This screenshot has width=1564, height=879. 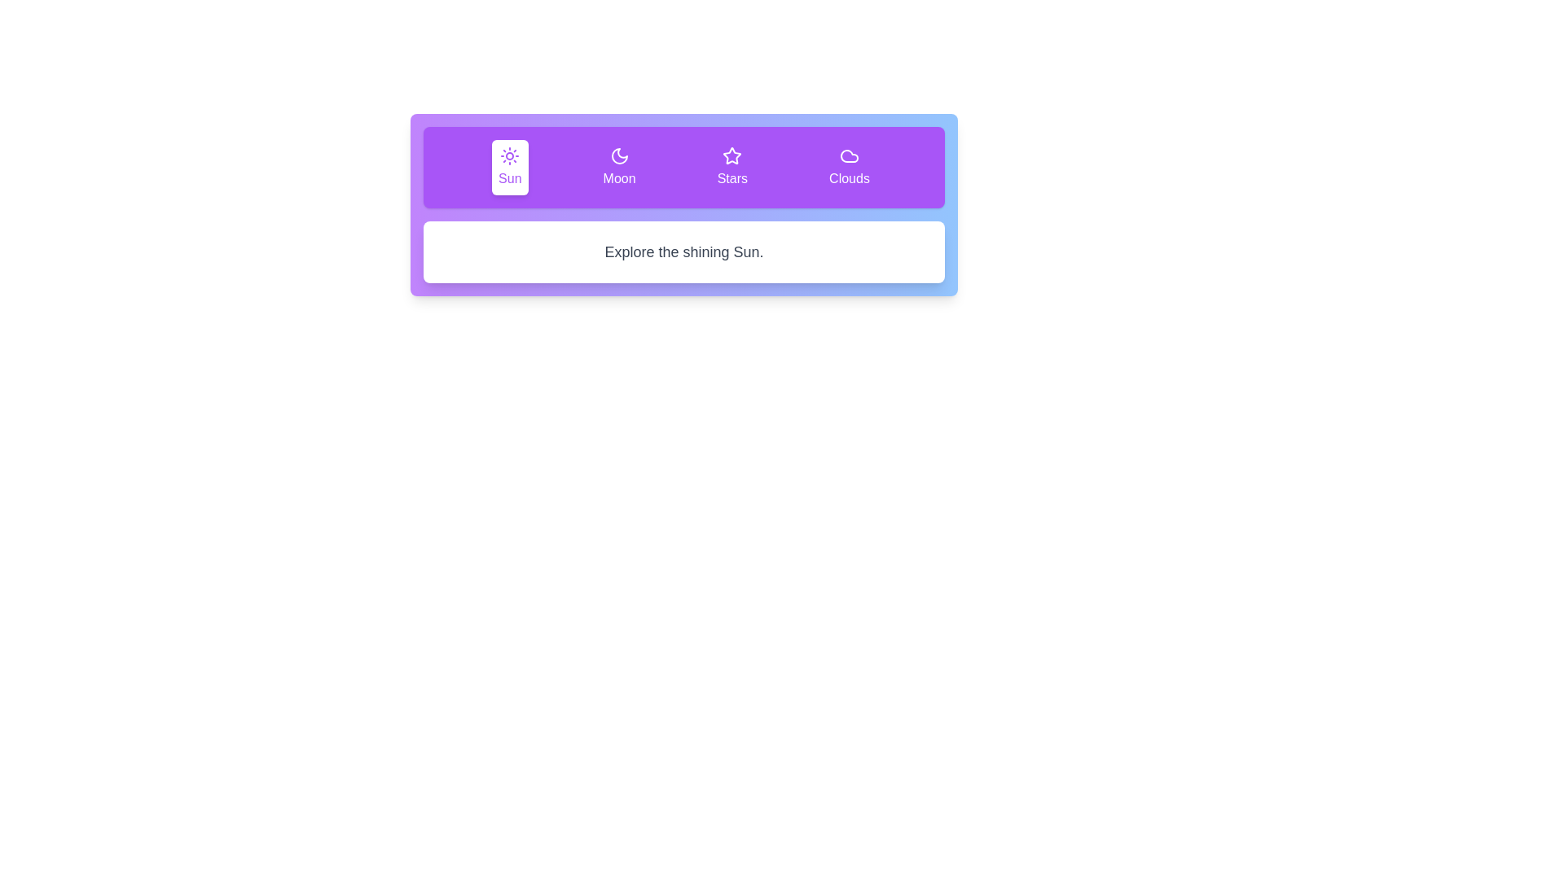 What do you see at coordinates (731, 156) in the screenshot?
I see `the star-shaped icon with a purple background located near the label 'Stars', which is the third icon in a horizontal layout of four items` at bounding box center [731, 156].